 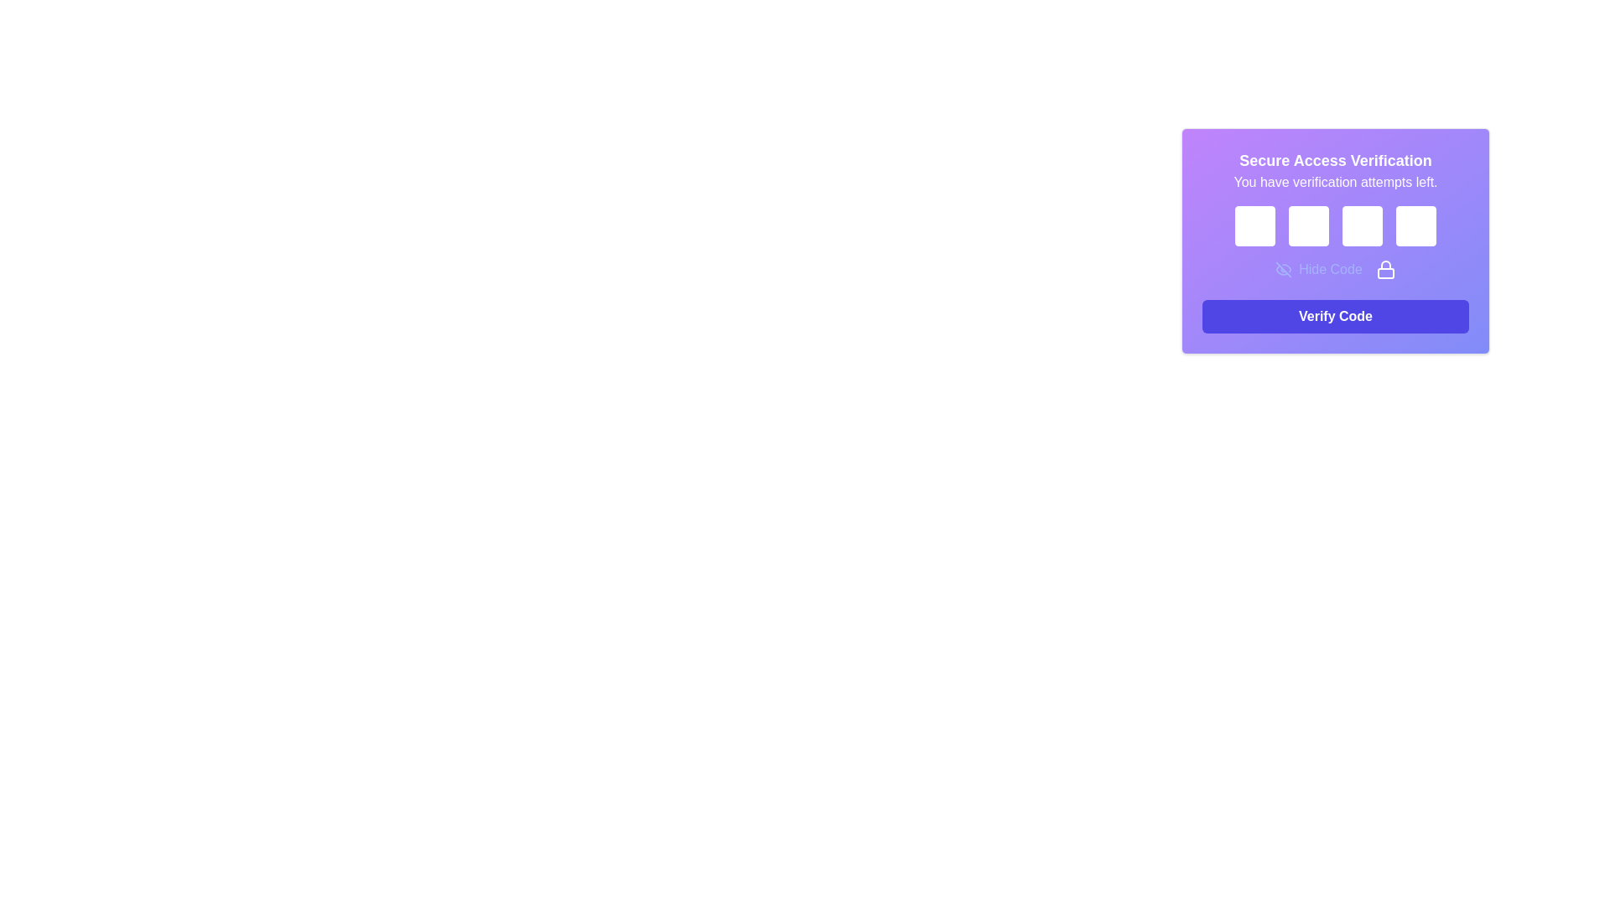 What do you see at coordinates (1335, 317) in the screenshot?
I see `the 'Verify Code' button located at the bottom of the card interface to change its color with a CSS effect` at bounding box center [1335, 317].